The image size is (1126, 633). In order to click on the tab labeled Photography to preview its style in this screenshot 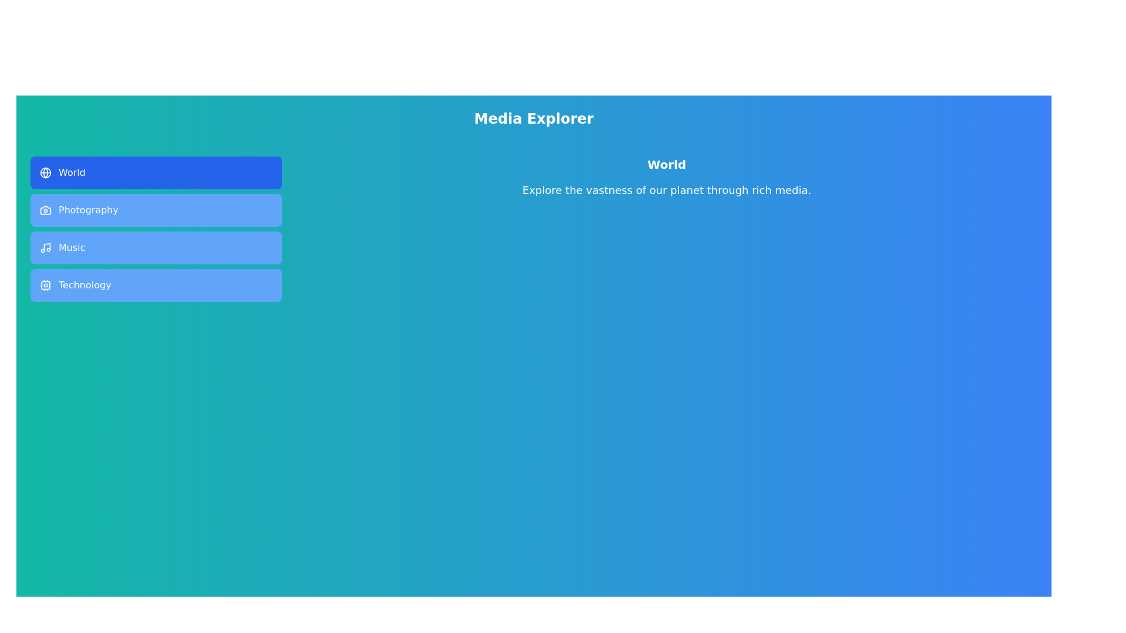, I will do `click(155, 209)`.